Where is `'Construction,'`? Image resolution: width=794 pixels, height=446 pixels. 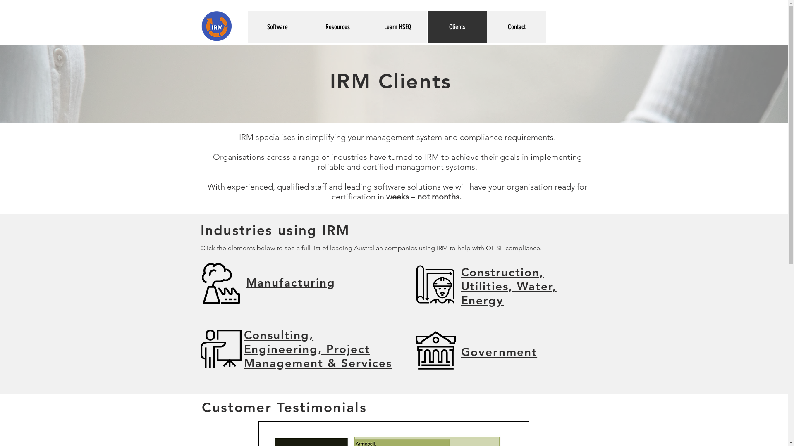 'Construction,' is located at coordinates (460, 272).